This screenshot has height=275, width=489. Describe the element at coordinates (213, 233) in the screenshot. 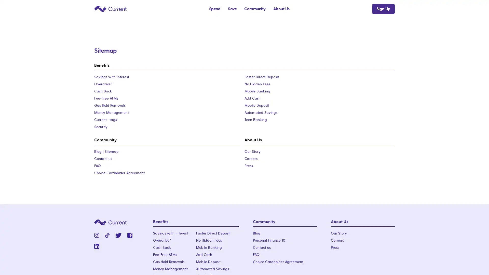

I see `Faster Direct Deposit` at that location.